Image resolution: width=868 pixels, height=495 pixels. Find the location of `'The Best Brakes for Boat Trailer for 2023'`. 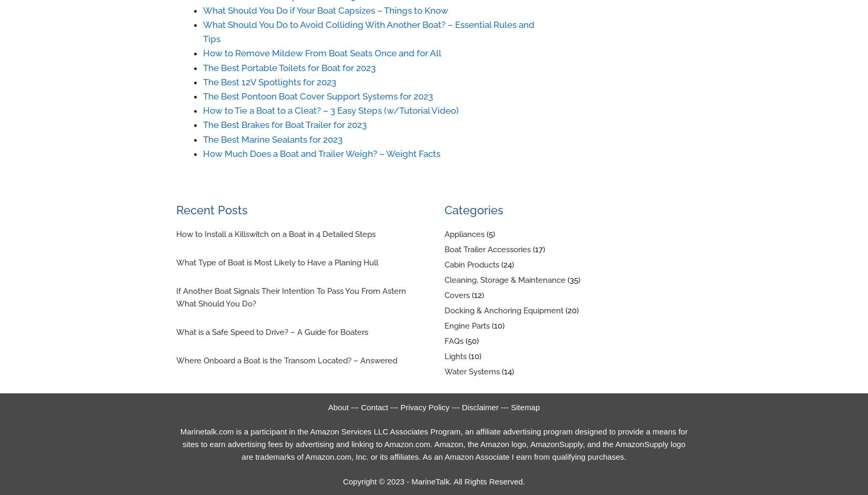

'The Best Brakes for Boat Trailer for 2023' is located at coordinates (284, 124).